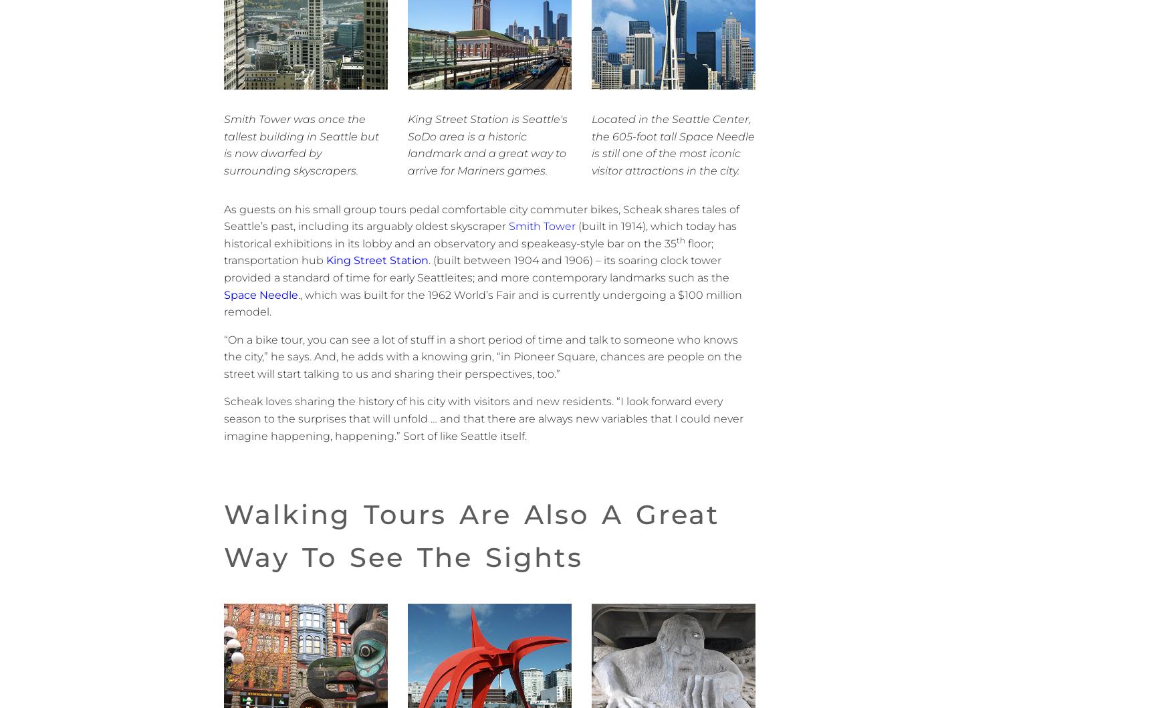  Describe the element at coordinates (483, 355) in the screenshot. I see `'“On a bike tour, you can see a lot of stuff in a short period of time and talk to someone who knows the city,” he says. And, he adds with a knowing grin, “in Pioneer Square, chances are people on the street will start talking to us and sharing their perspectives, too.”'` at that location.